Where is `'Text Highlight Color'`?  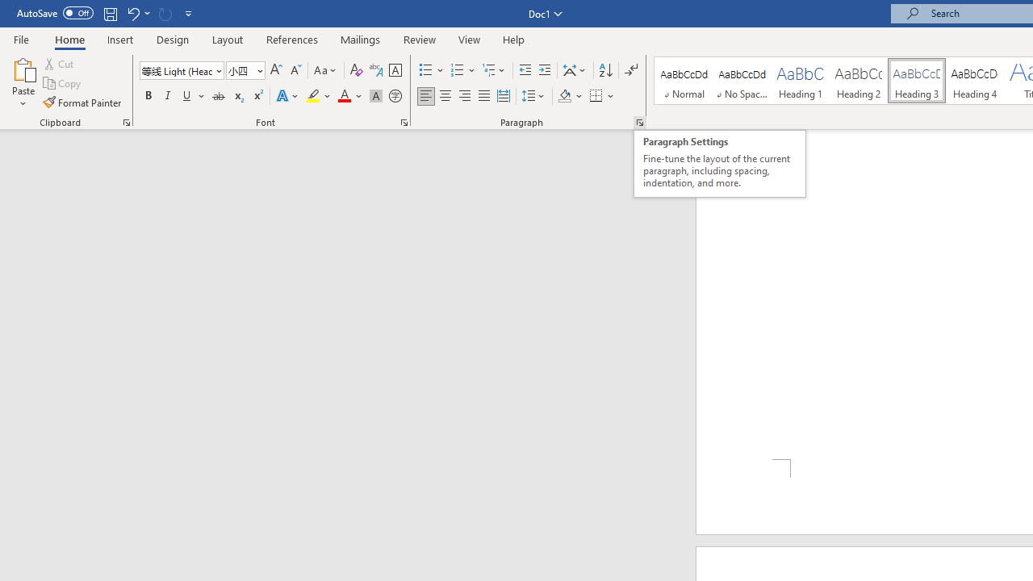 'Text Highlight Color' is located at coordinates (319, 96).